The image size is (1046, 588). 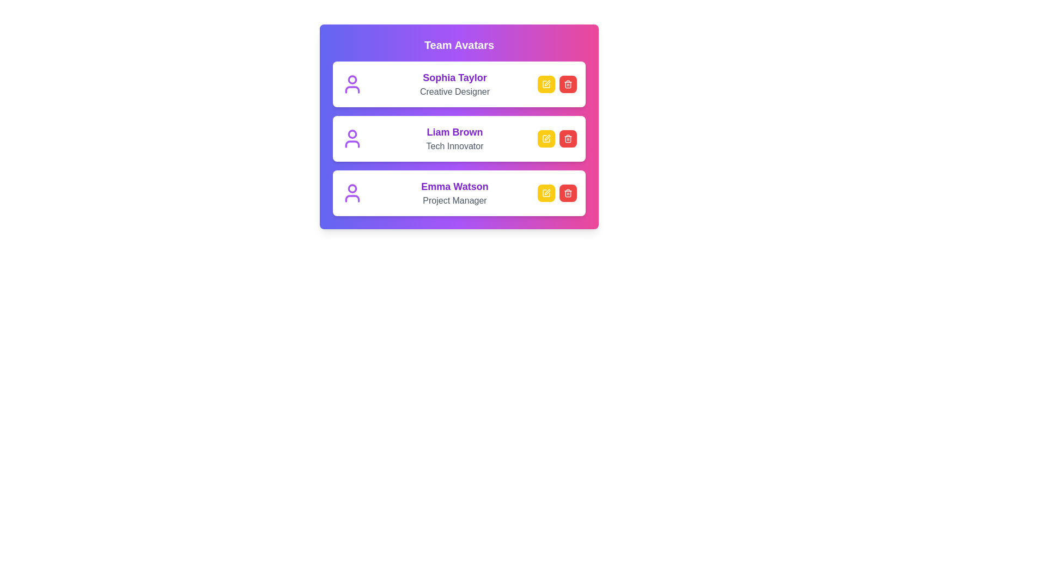 What do you see at coordinates (352, 192) in the screenshot?
I see `the circular user icon with a purple fill representing 'Emma Watson', located in the third row of team avatars` at bounding box center [352, 192].